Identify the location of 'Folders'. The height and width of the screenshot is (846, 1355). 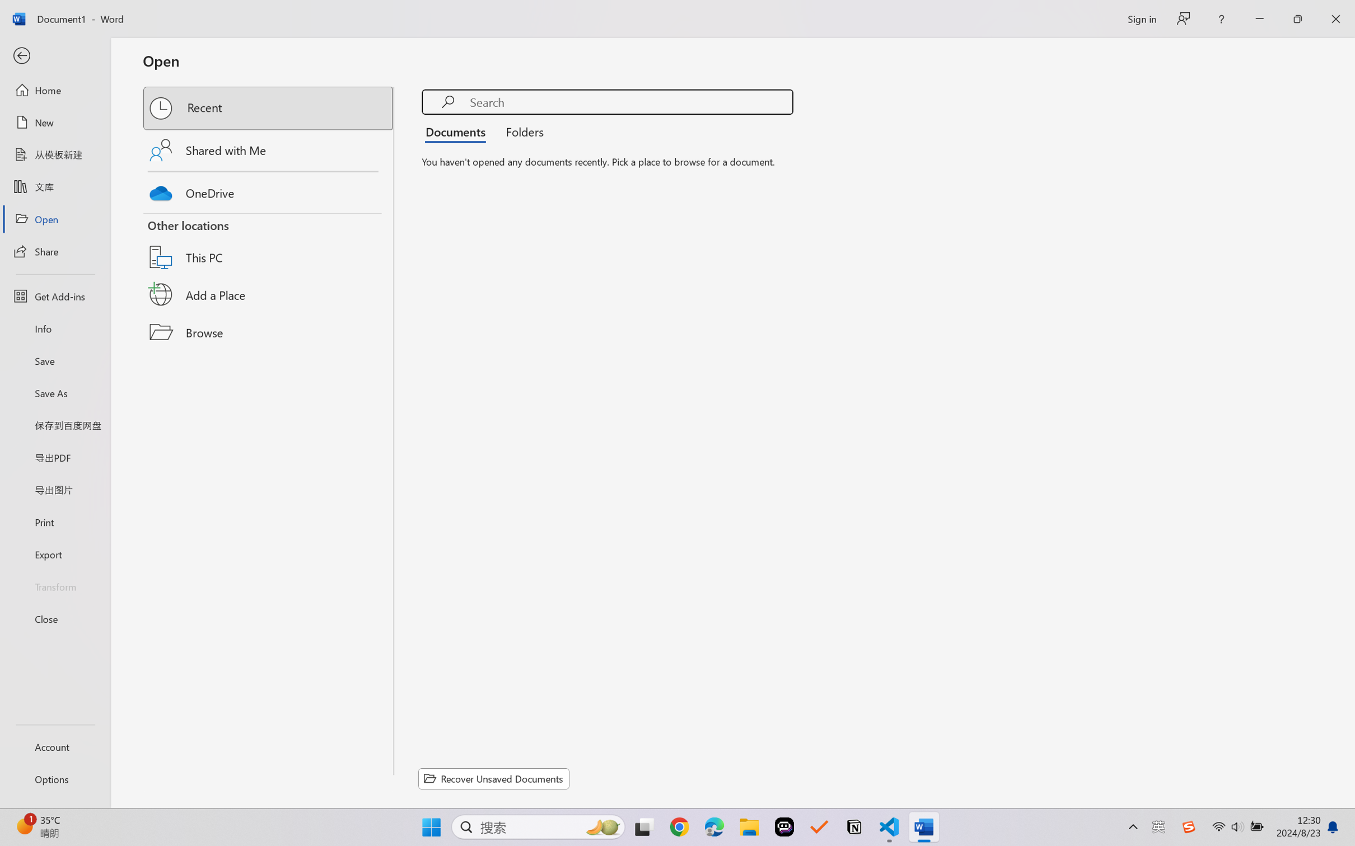
(521, 130).